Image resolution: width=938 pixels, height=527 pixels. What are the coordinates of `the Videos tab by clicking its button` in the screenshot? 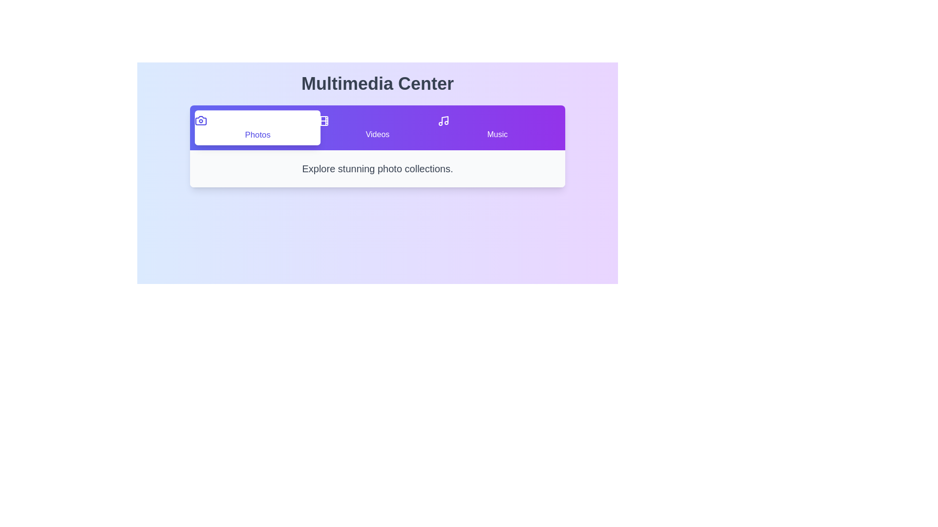 It's located at (377, 127).